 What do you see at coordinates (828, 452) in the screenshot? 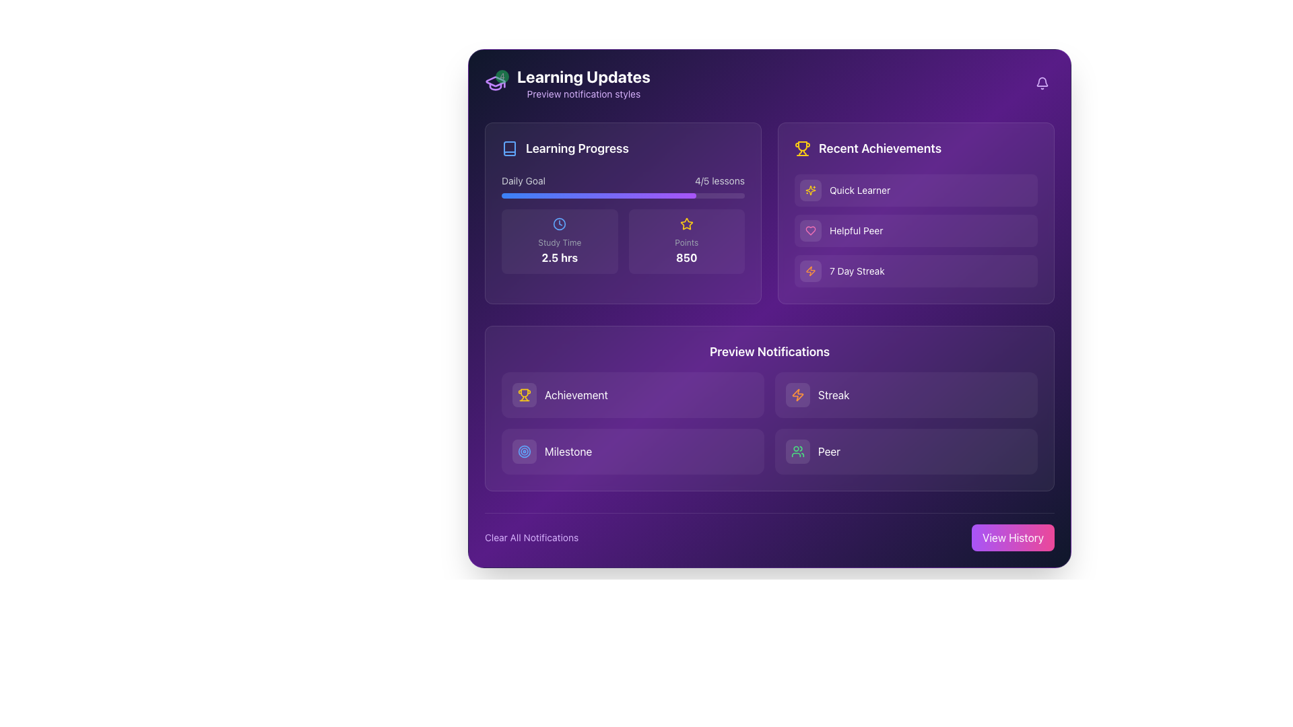
I see `the text label 'peer' located in the lower-right portion of the 'Preview Notifications' section` at bounding box center [828, 452].